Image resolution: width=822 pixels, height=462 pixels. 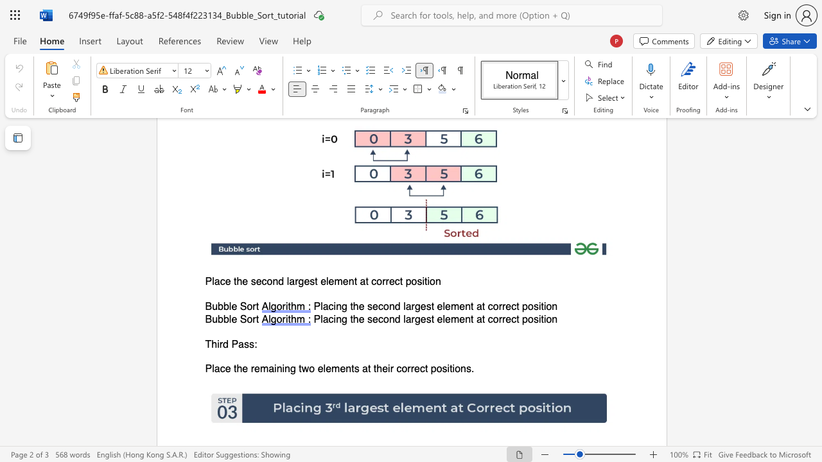 What do you see at coordinates (220, 343) in the screenshot?
I see `the space between the continuous character "i" and "r" in the text` at bounding box center [220, 343].